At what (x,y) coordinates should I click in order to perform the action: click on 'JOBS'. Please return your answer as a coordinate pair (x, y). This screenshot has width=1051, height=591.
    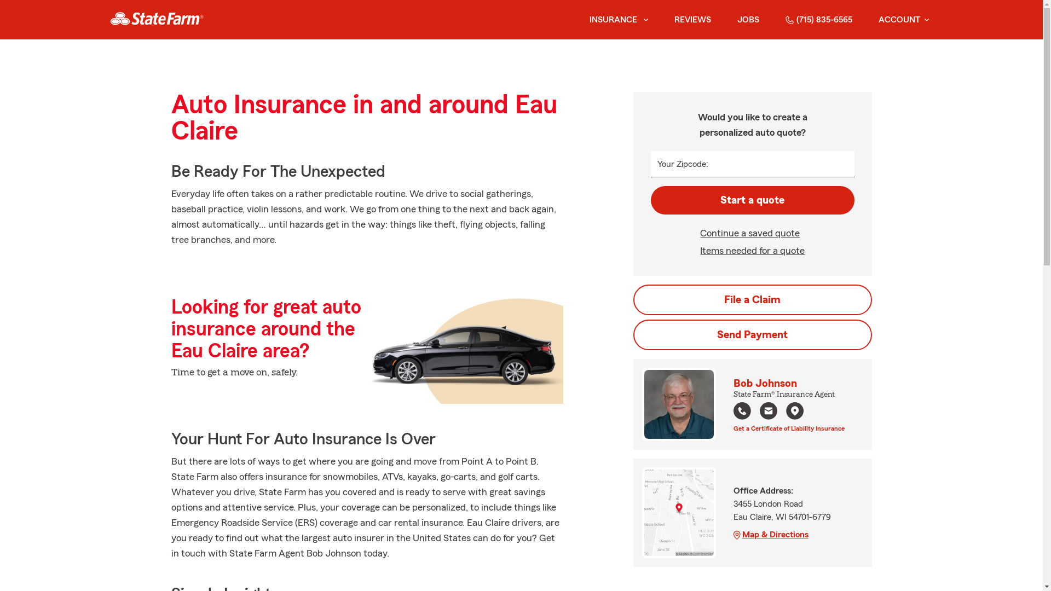
    Looking at the image, I should click on (747, 19).